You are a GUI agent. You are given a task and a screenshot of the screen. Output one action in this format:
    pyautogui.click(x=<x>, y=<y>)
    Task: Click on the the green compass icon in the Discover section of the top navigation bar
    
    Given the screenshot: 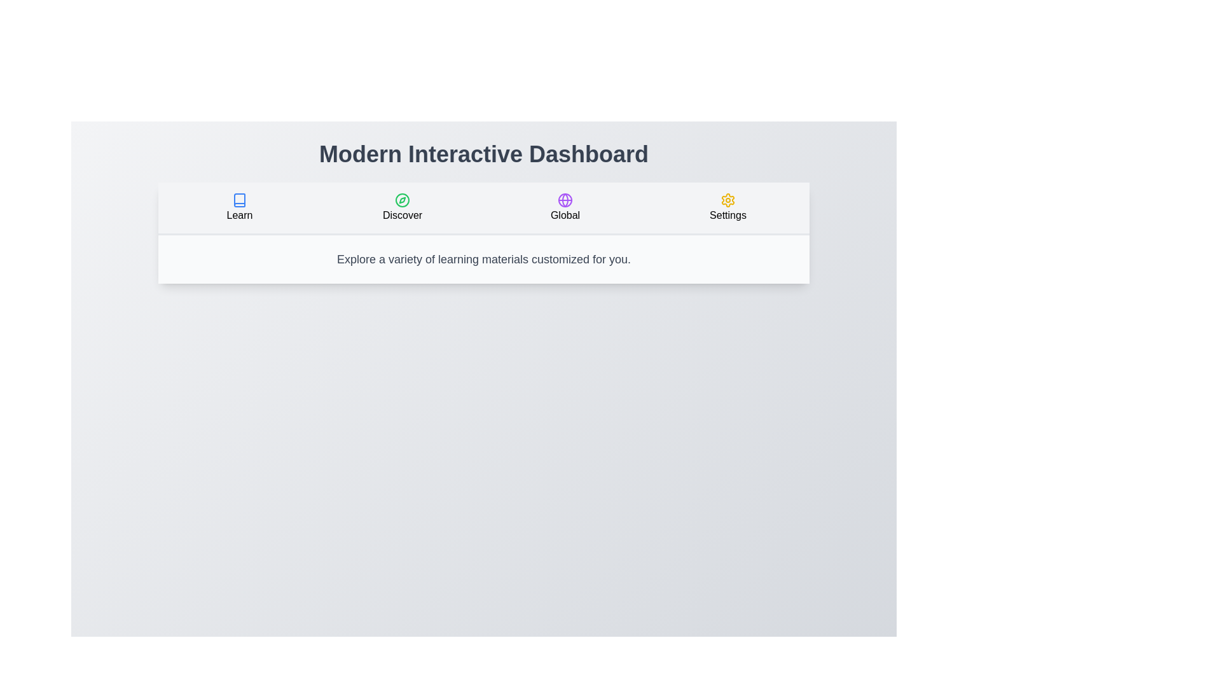 What is the action you would take?
    pyautogui.click(x=402, y=200)
    